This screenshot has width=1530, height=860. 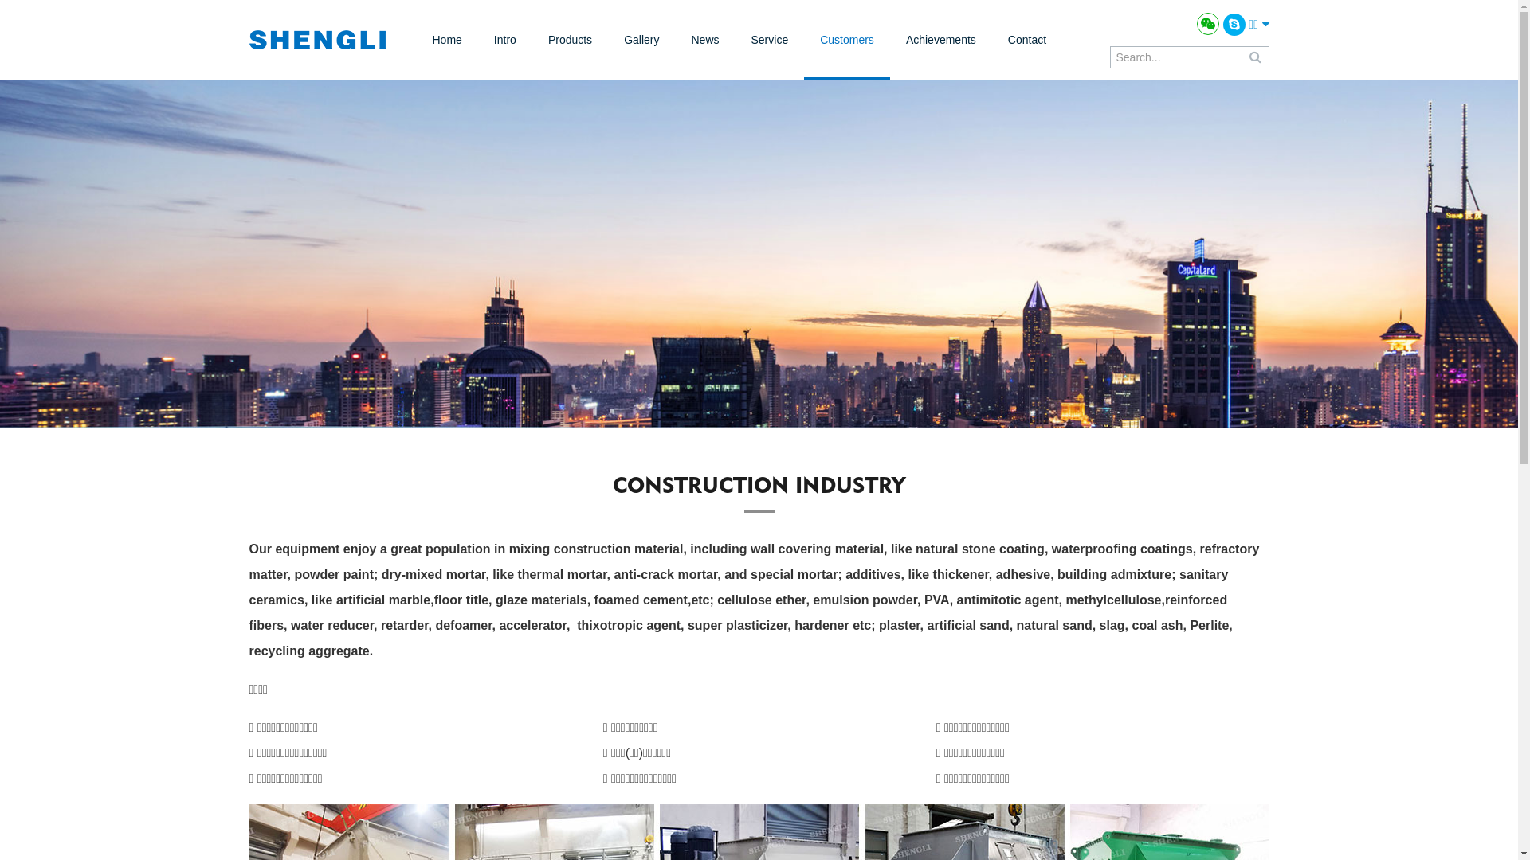 I want to click on 'Products', so click(x=570, y=39).